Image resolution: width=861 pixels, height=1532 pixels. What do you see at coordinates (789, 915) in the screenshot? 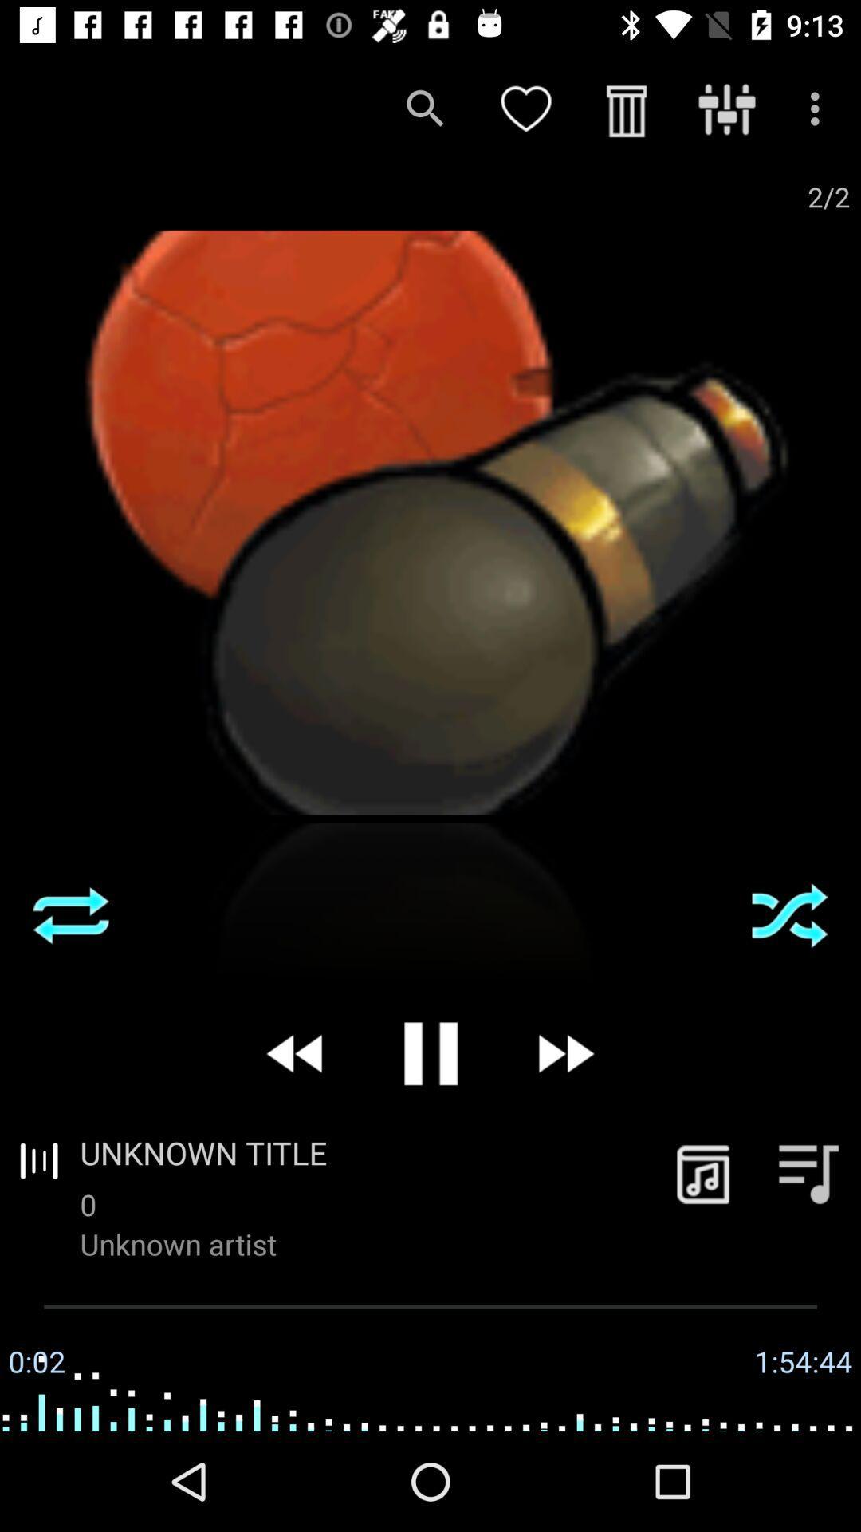
I see `the item on the right` at bounding box center [789, 915].